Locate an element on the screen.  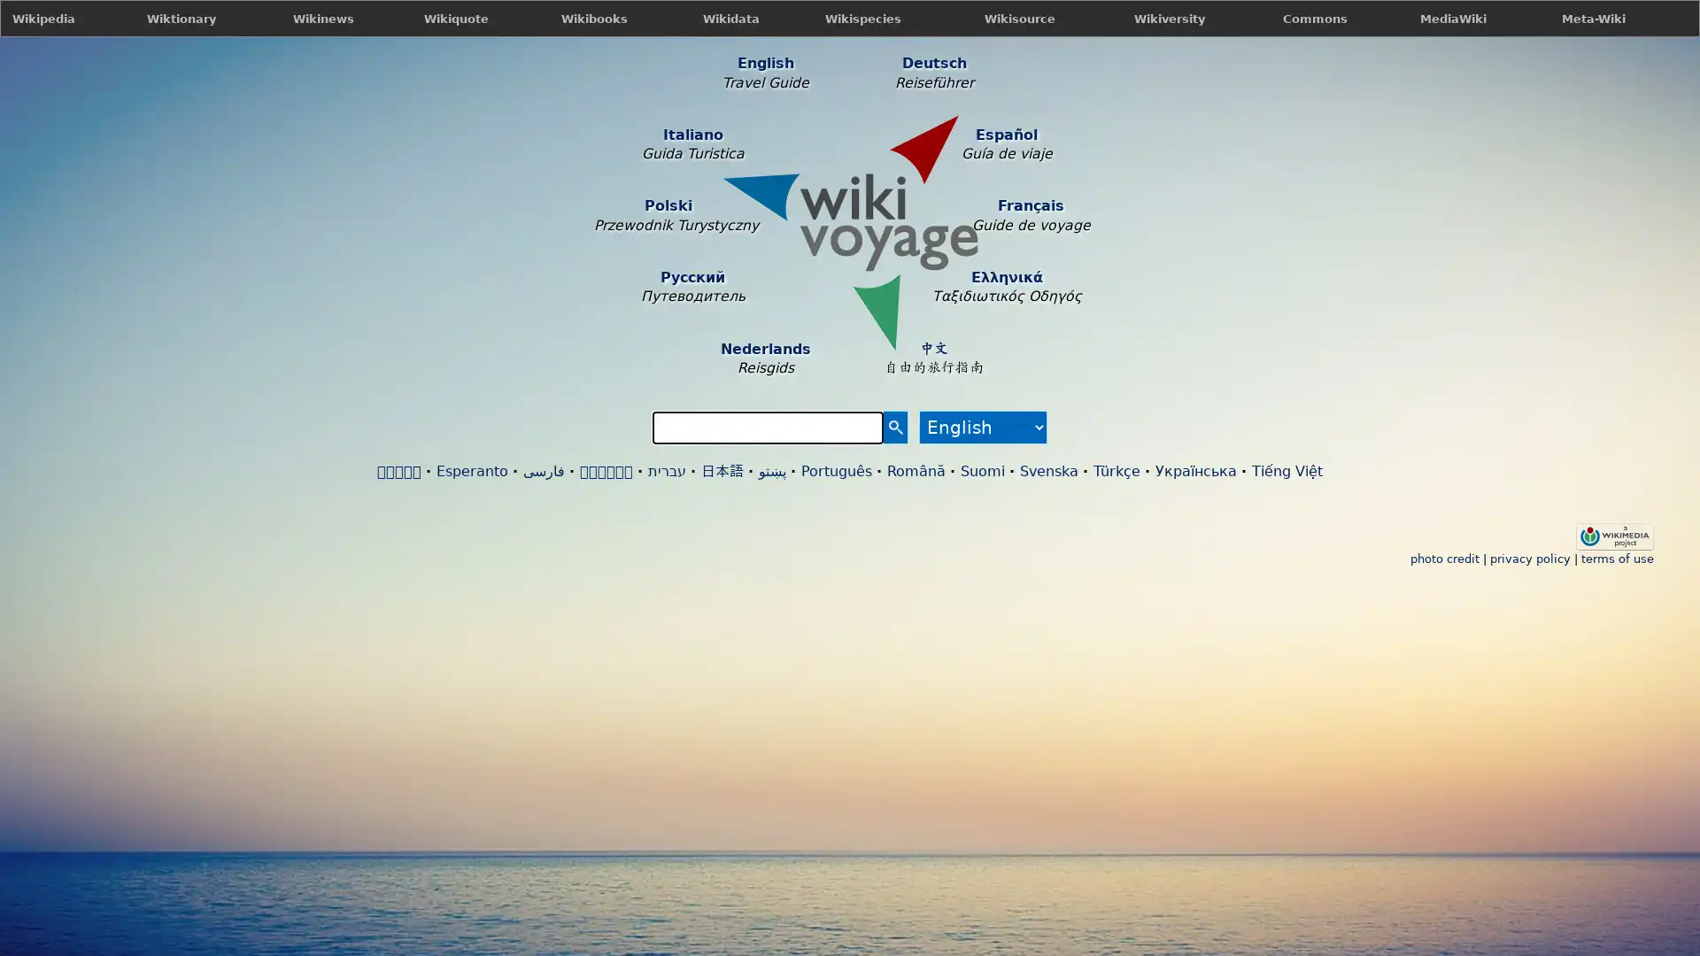
Search is located at coordinates (896, 427).